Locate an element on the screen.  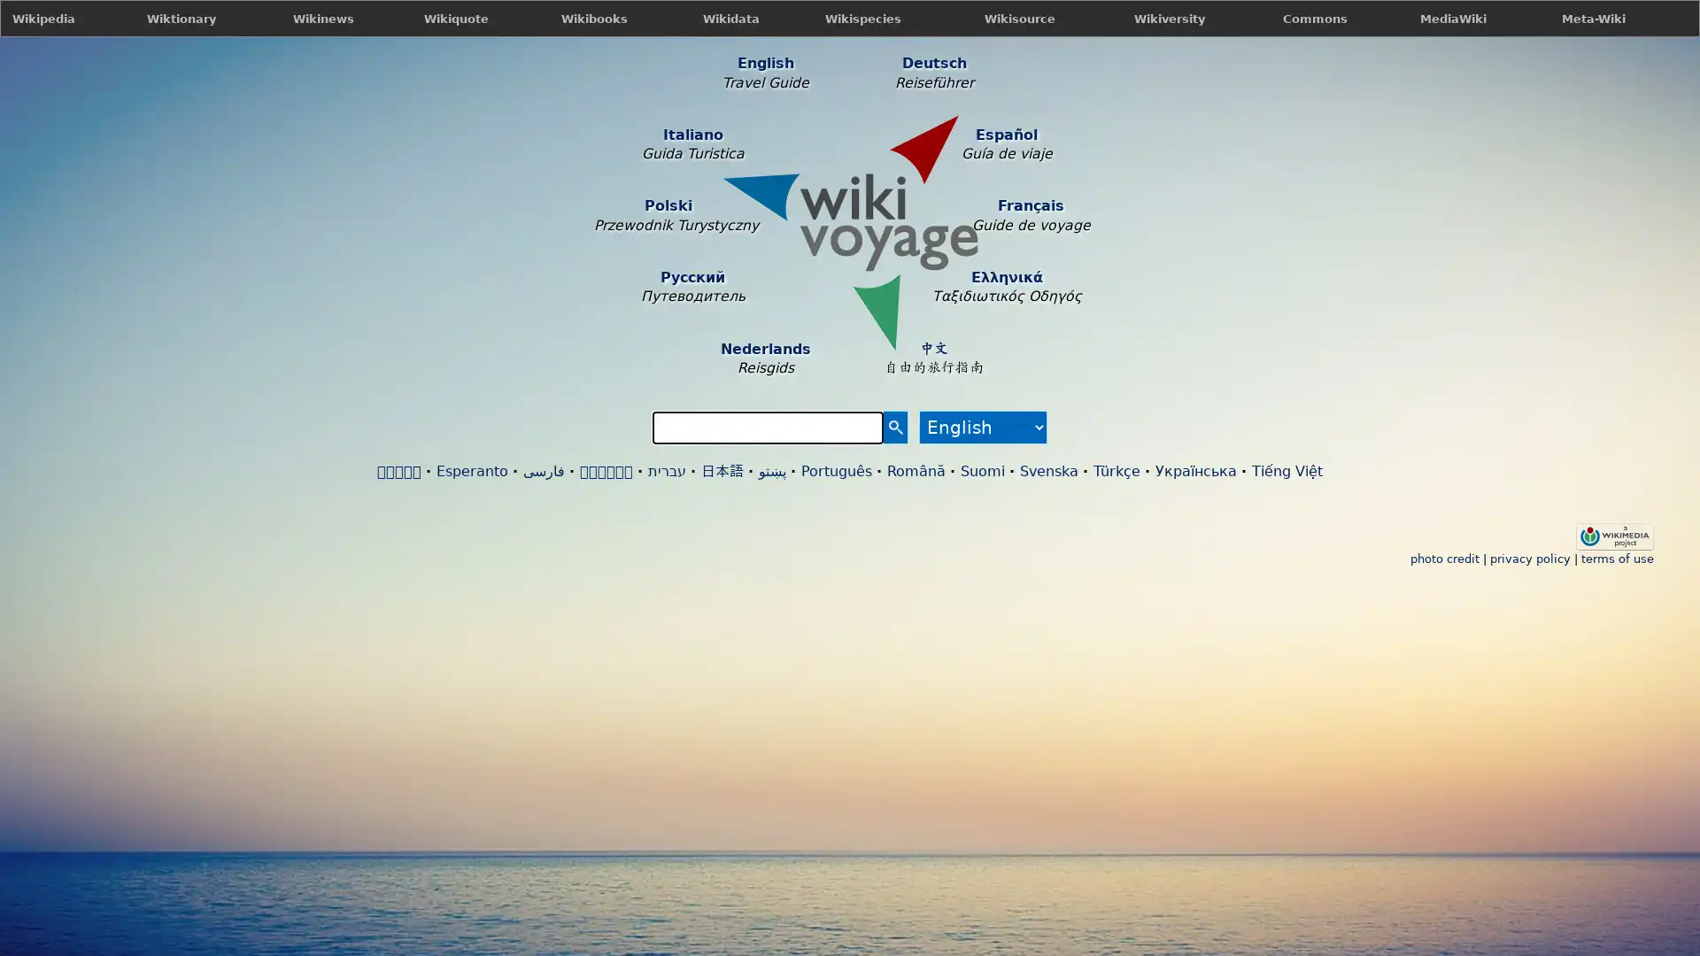
Search is located at coordinates (896, 427).